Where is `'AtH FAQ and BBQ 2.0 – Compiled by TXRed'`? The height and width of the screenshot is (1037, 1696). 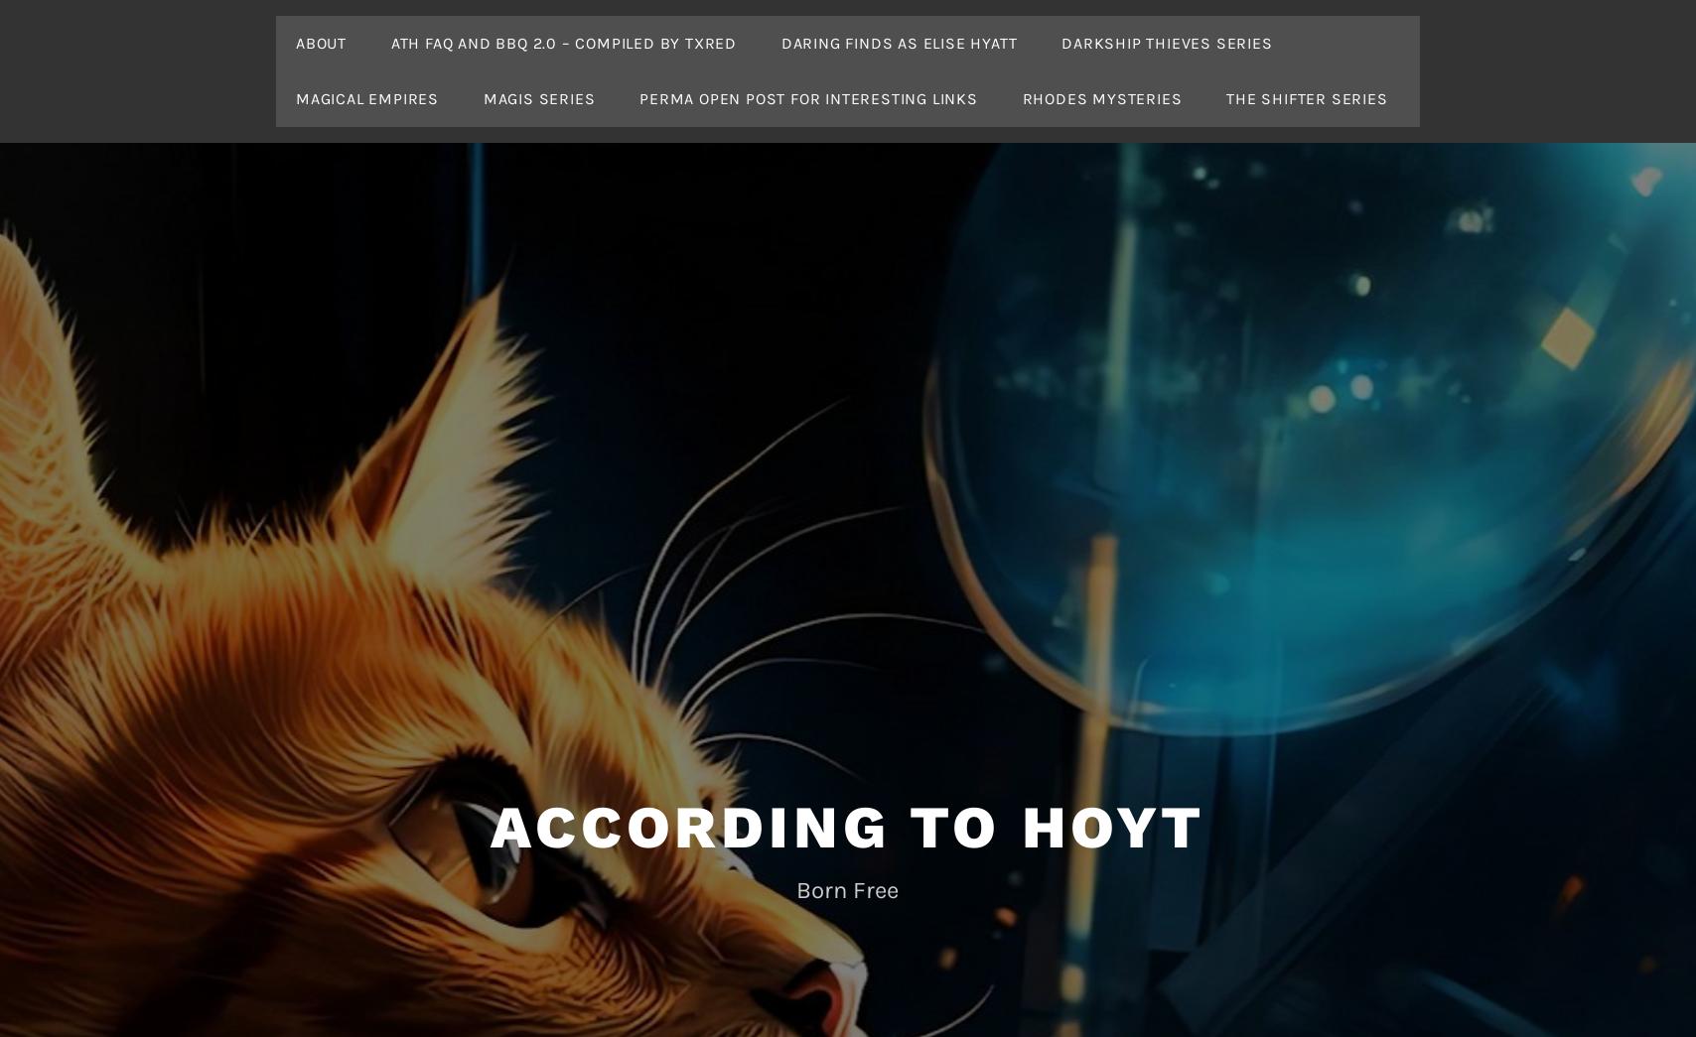 'AtH FAQ and BBQ 2.0 – Compiled by TXRed' is located at coordinates (390, 42).